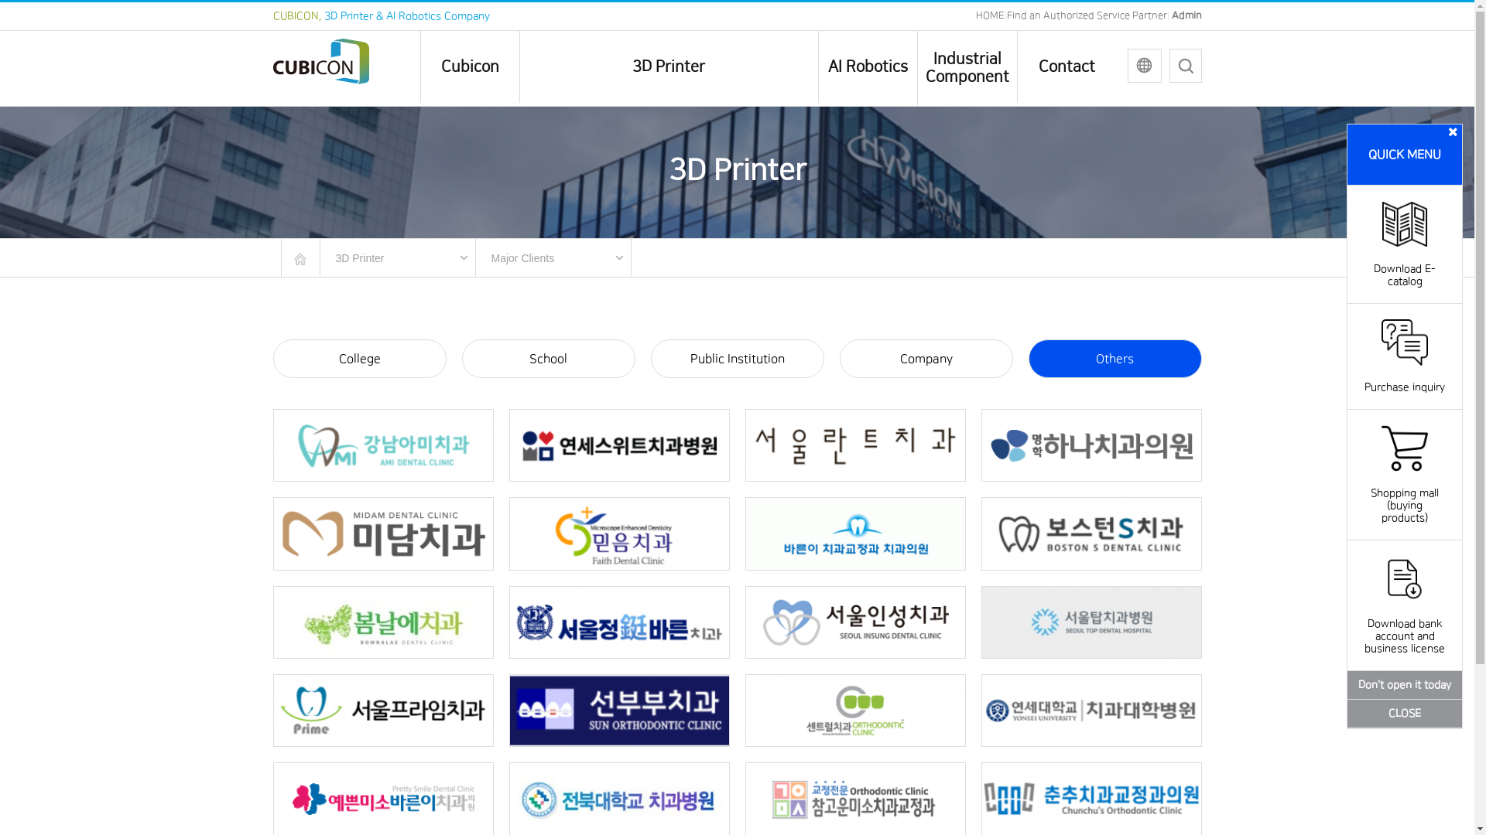 This screenshot has width=1486, height=835. What do you see at coordinates (553, 257) in the screenshot?
I see `'Major Clients'` at bounding box center [553, 257].